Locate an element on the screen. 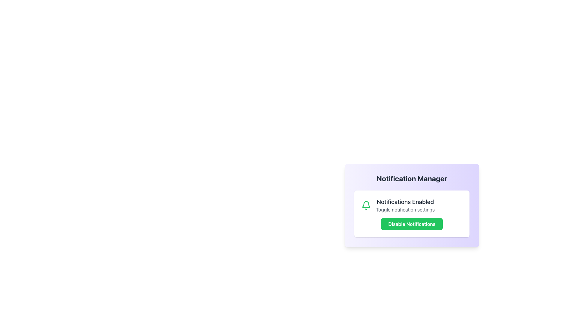 This screenshot has width=576, height=324. text element that displays 'Notifications Enabled' and 'Toggle notification settings', which is located to the right of the green bell icon is located at coordinates (405, 205).